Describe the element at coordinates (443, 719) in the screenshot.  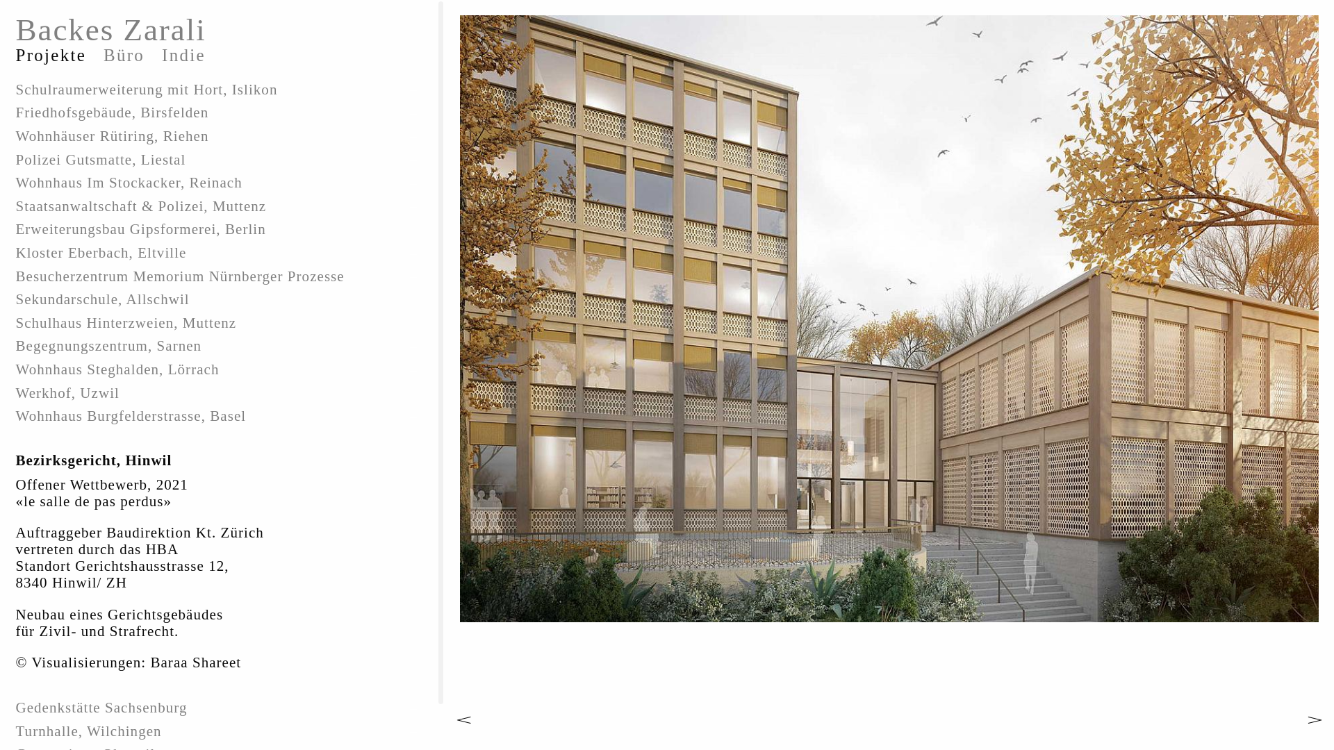
I see `'<'` at that location.